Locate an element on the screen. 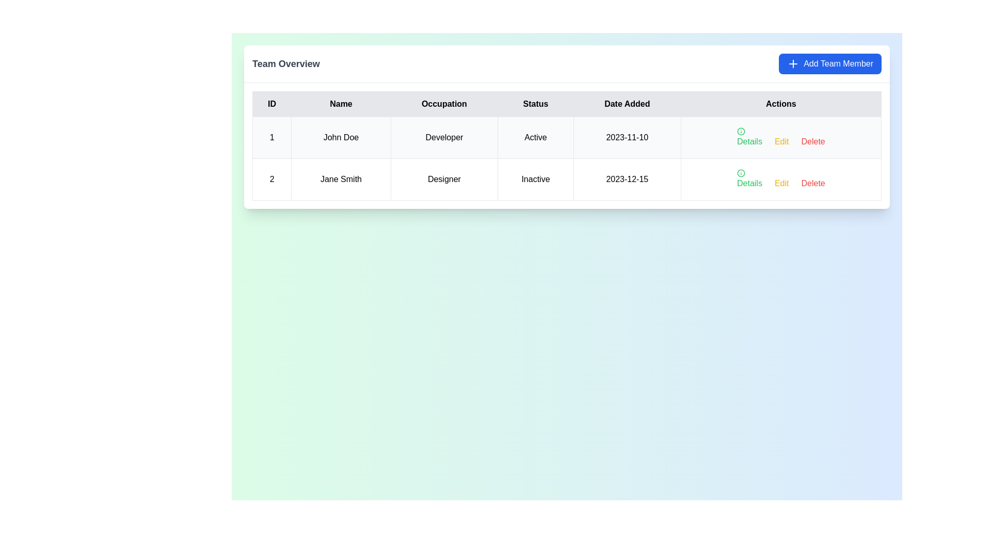 Image resolution: width=991 pixels, height=557 pixels. the Text cell displaying the occupation attribute 'Developer' for John Doe, located in the 'Occupation' column of the first row of the table is located at coordinates (444, 137).